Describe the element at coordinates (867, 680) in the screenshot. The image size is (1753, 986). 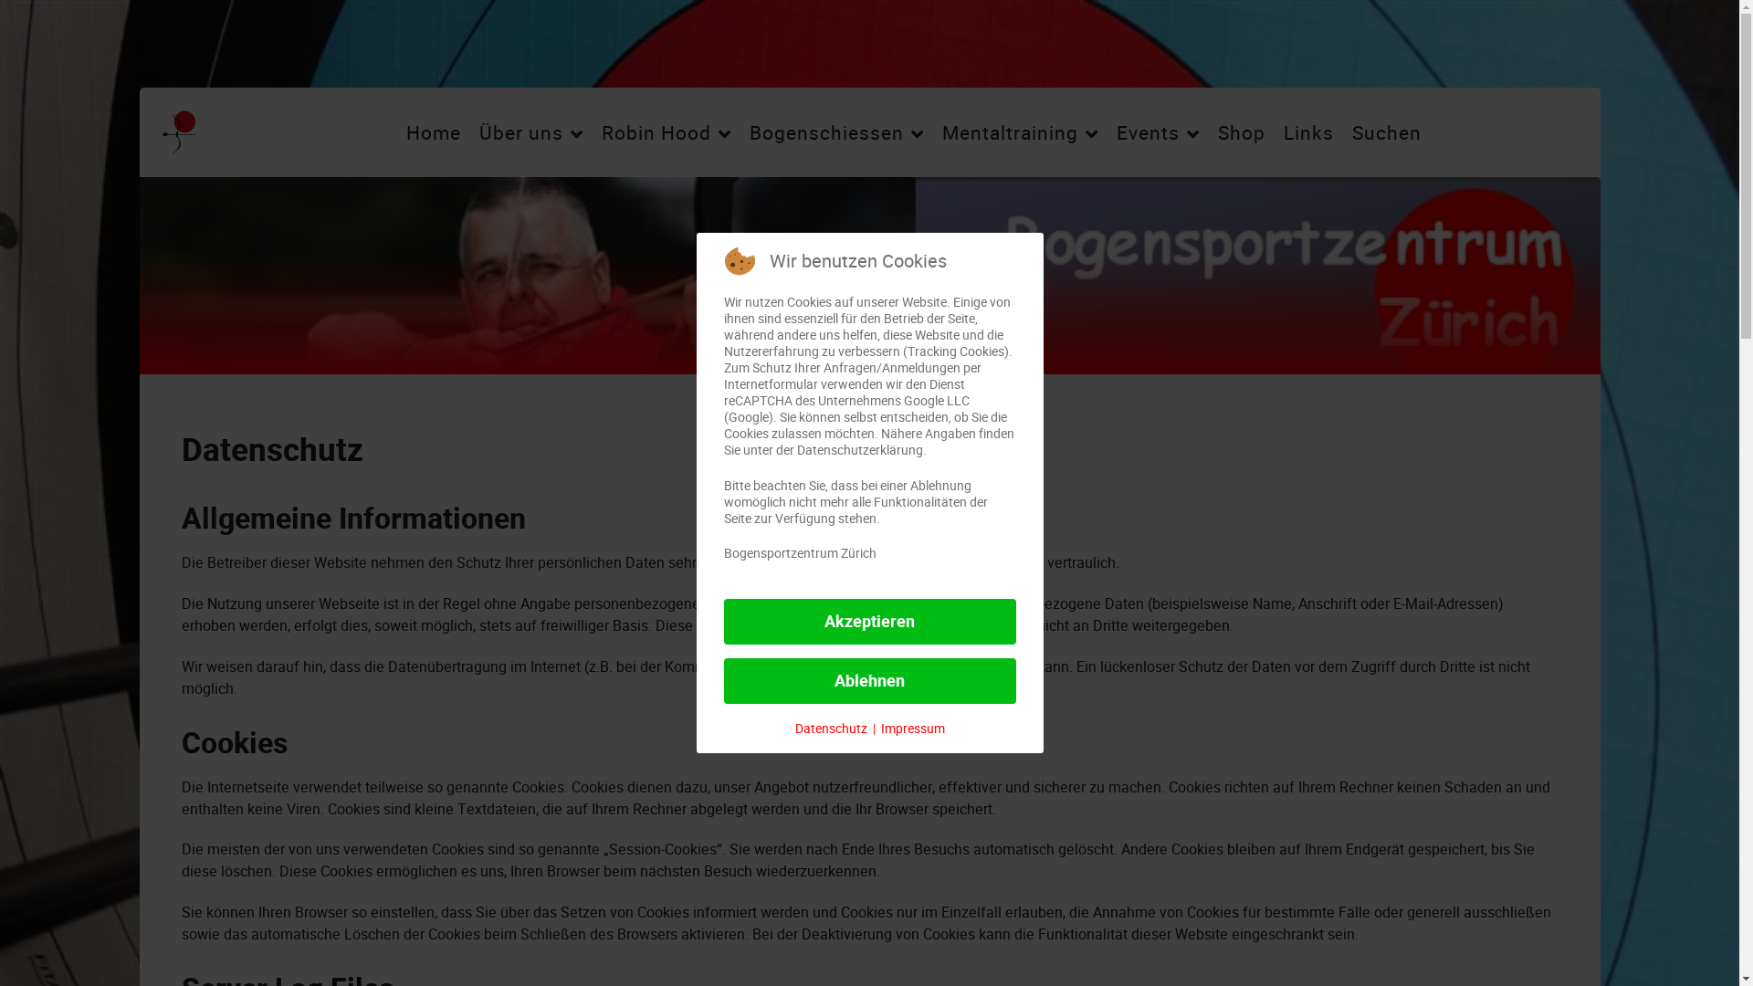
I see `'Ablehnen'` at that location.